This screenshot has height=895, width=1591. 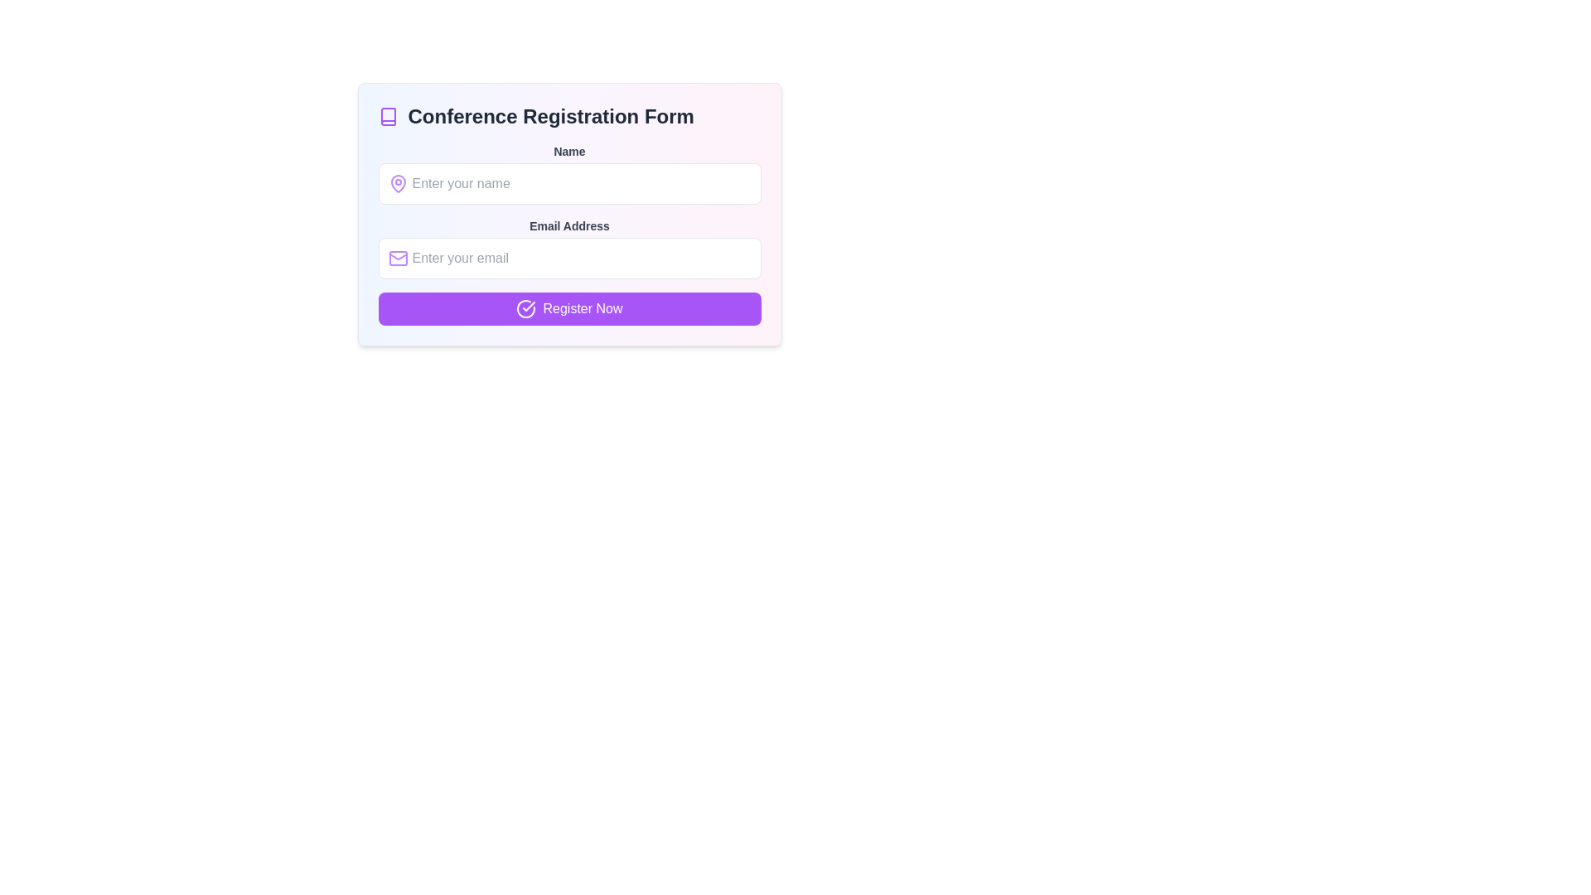 What do you see at coordinates (569, 309) in the screenshot?
I see `the 'Register Now' button with a vivid purple background and white text` at bounding box center [569, 309].